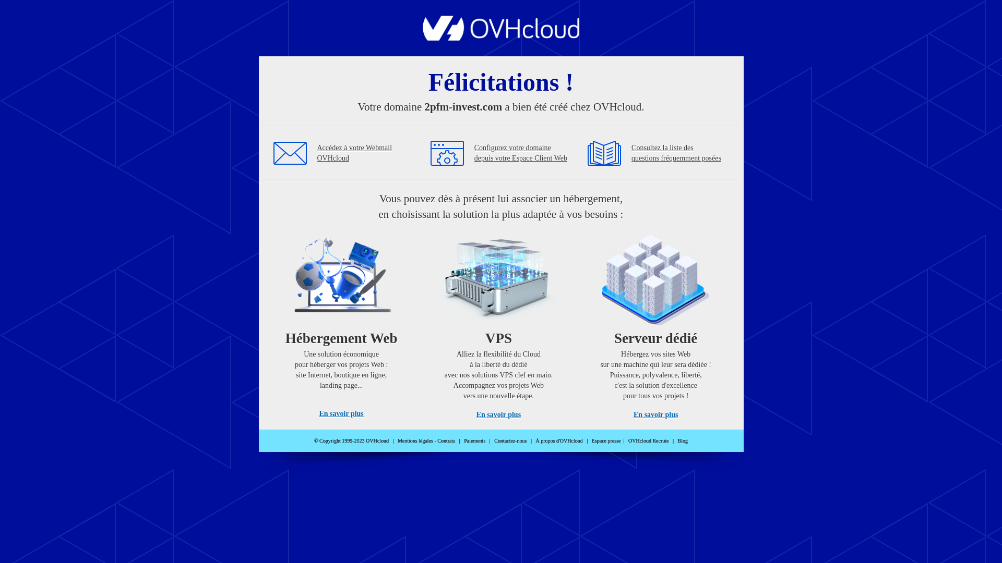 This screenshot has height=563, width=1002. Describe the element at coordinates (510, 440) in the screenshot. I see `'Contactez-nous'` at that location.